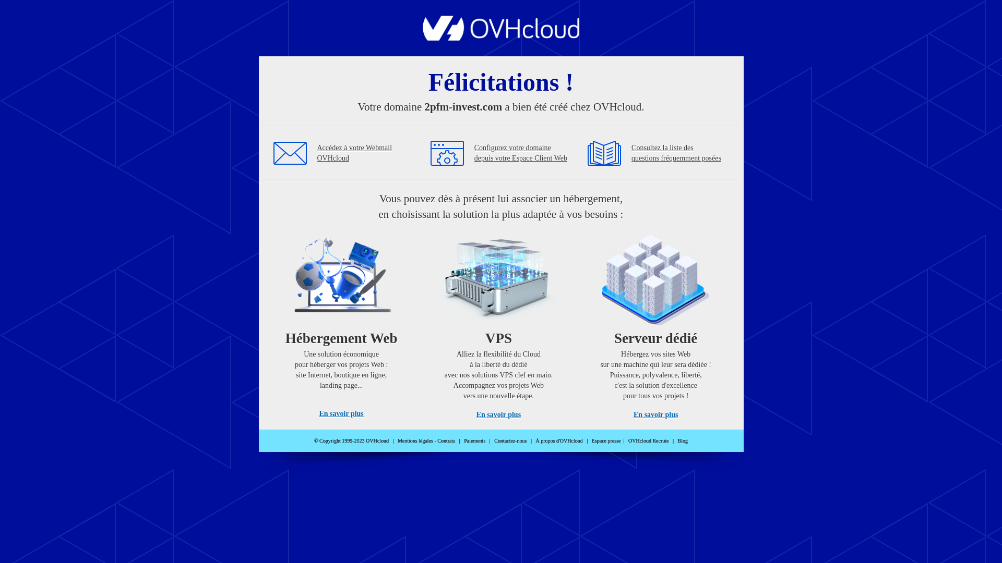 This screenshot has height=563, width=1002. Describe the element at coordinates (510, 440) in the screenshot. I see `'Contactez-nous'` at that location.